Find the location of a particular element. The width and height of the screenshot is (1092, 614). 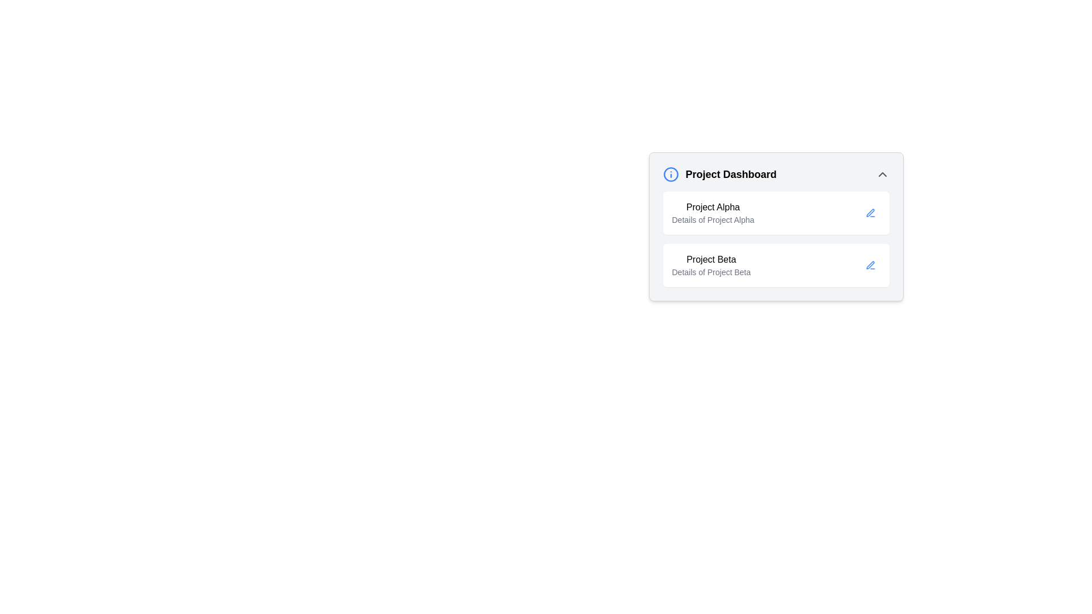

the text label that reads 'Details of Project Beta', which is styled in light gray and positioned directly below the 'Project Beta' heading in the Project Dashboard is located at coordinates (710, 272).